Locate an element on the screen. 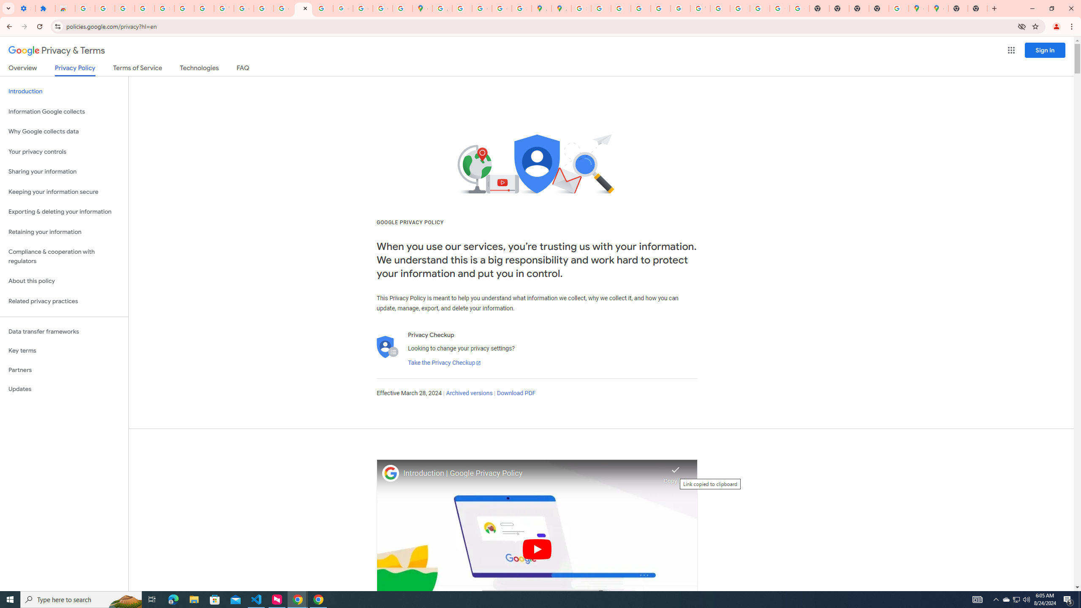  'Updates' is located at coordinates (64, 388).